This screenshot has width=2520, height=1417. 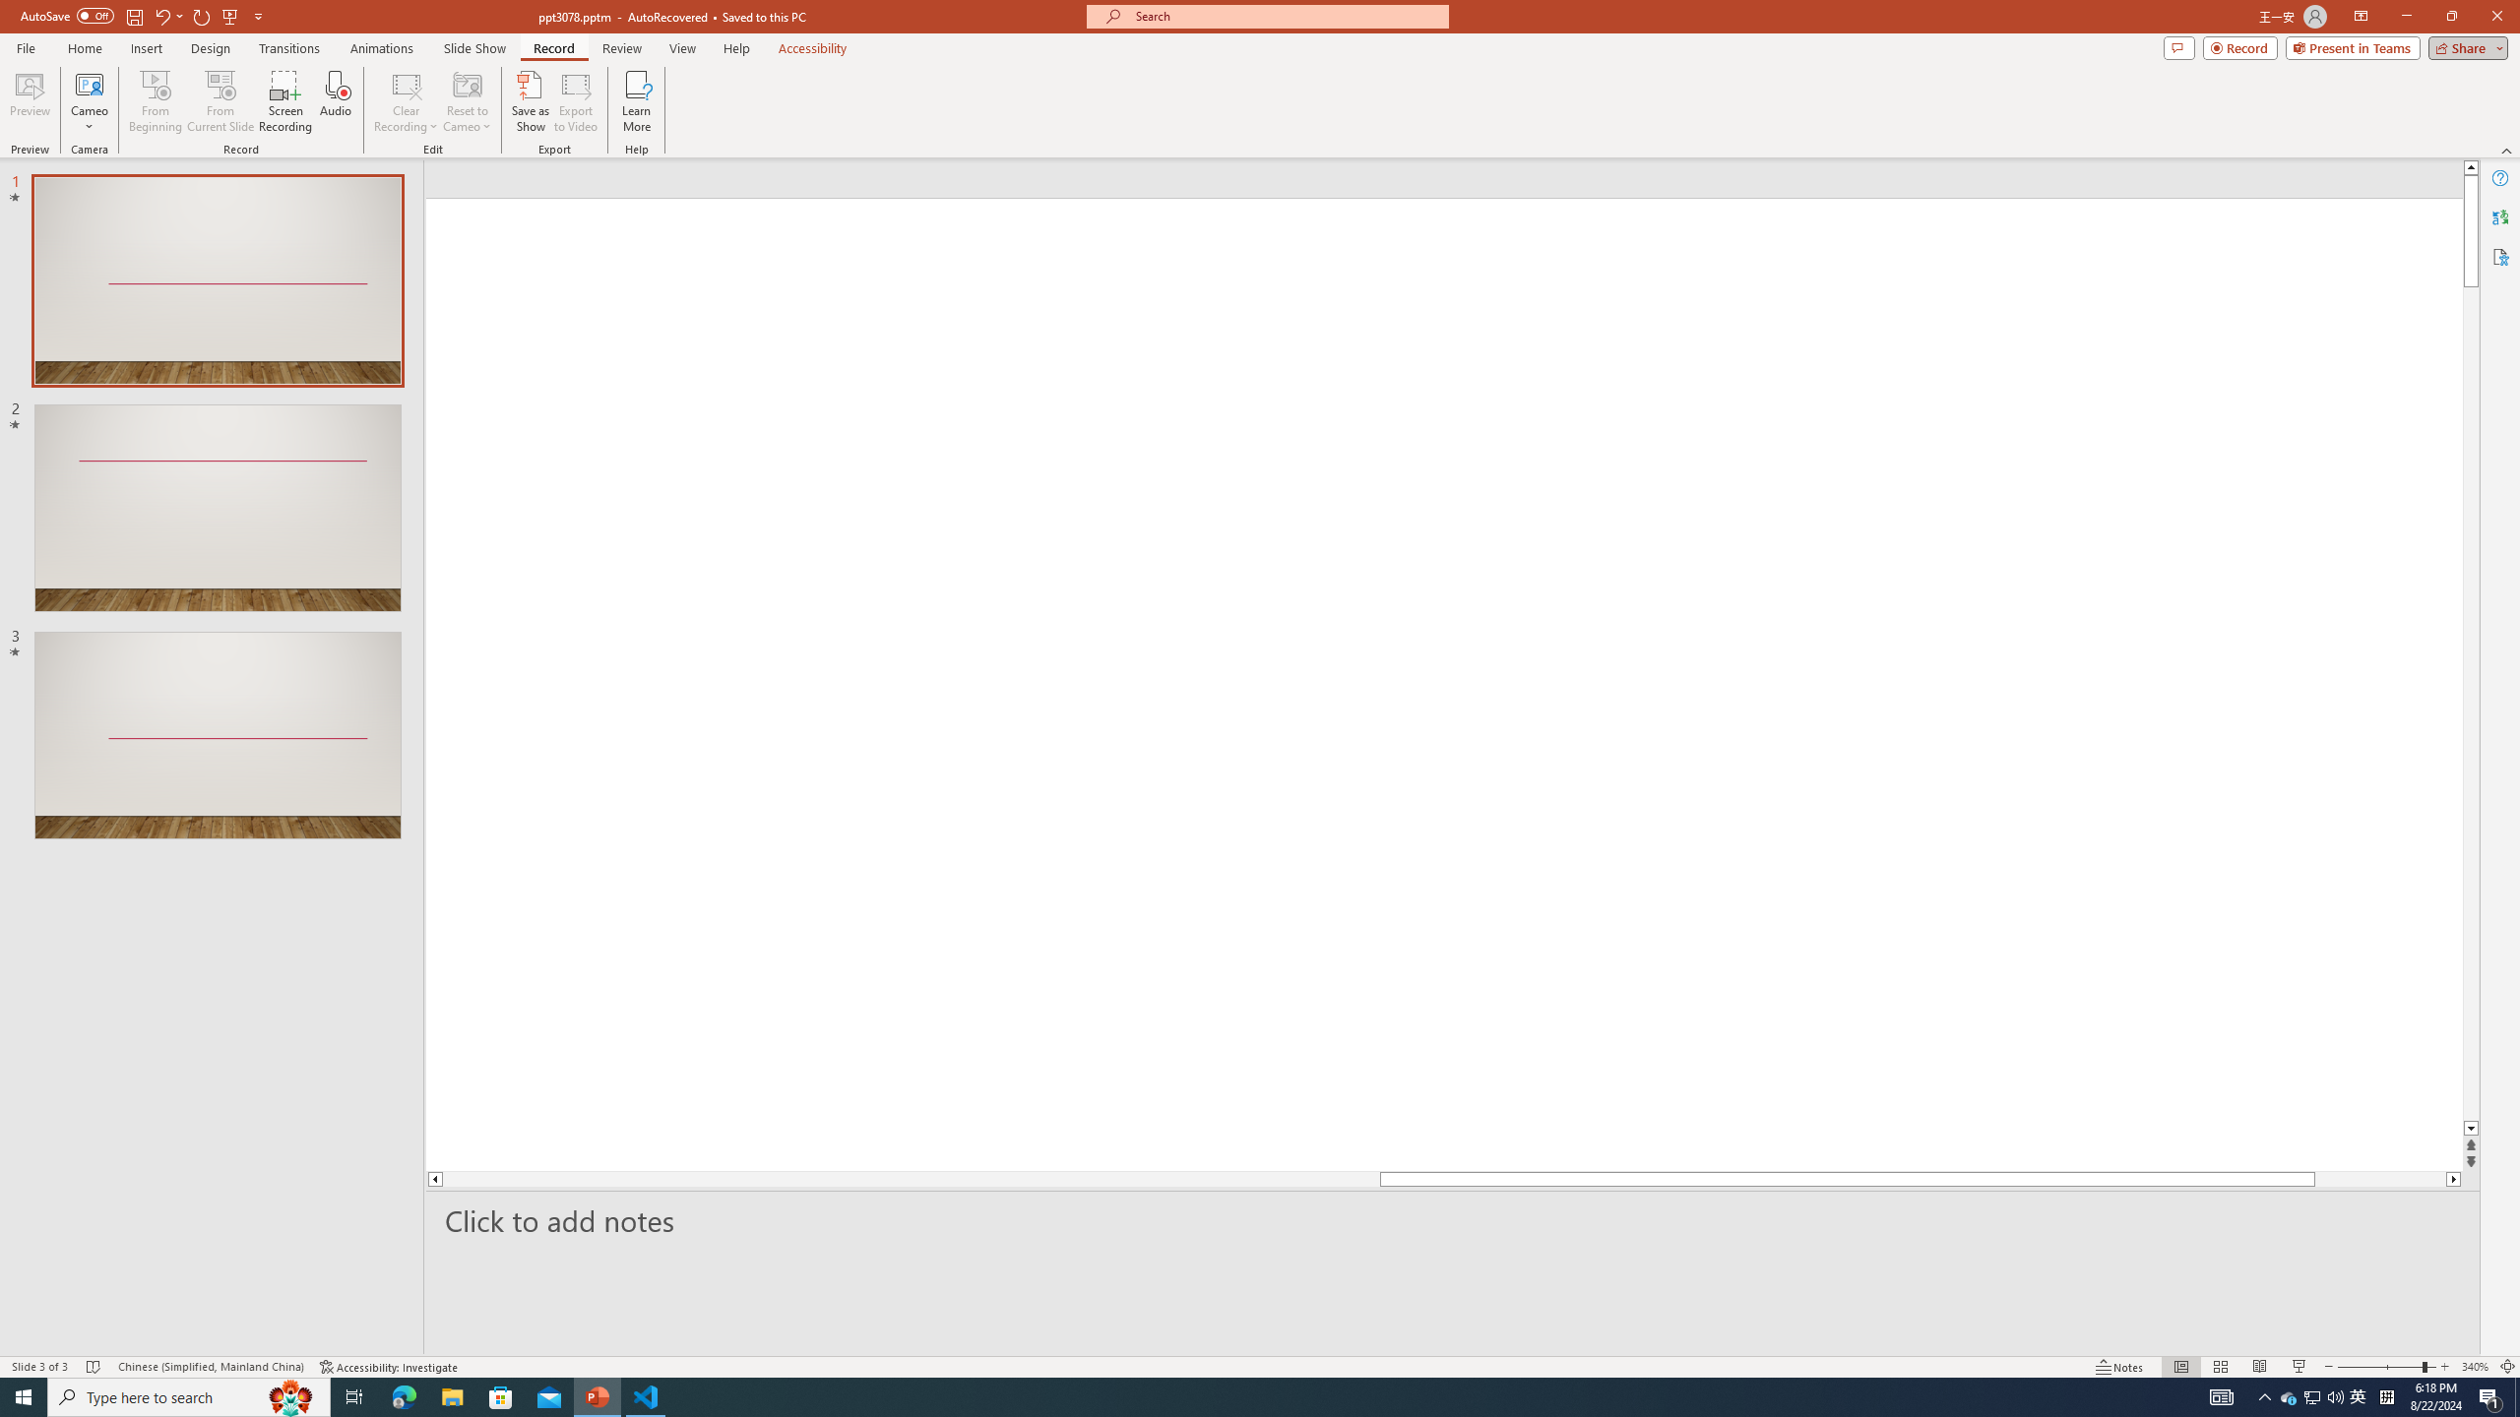 I want to click on 'Reset to Cameo', so click(x=466, y=101).